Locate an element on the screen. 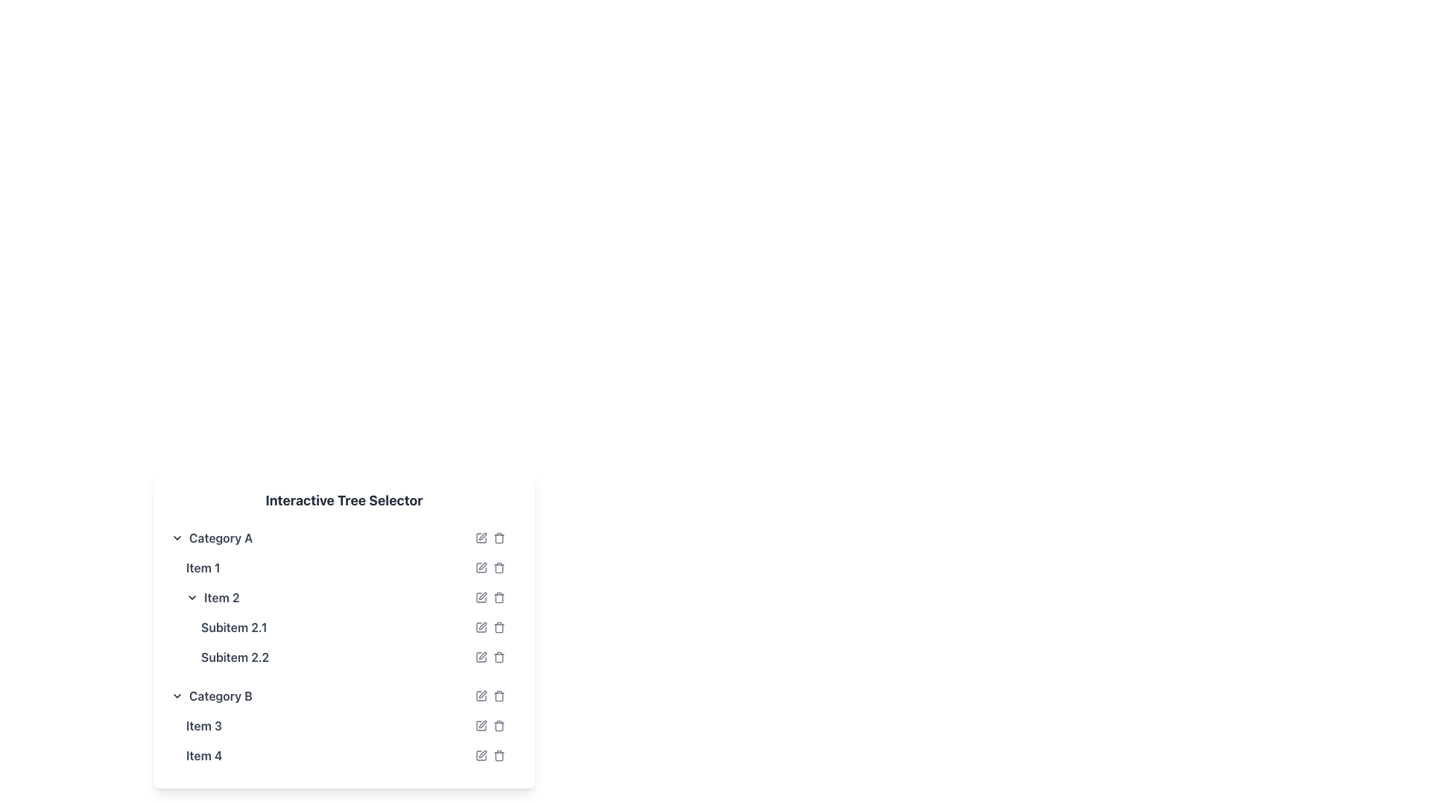 This screenshot has height=805, width=1431. the delete icon associated with 'Category B' in the vertical interactive tree structure to initiate a delete action is located at coordinates (499, 695).